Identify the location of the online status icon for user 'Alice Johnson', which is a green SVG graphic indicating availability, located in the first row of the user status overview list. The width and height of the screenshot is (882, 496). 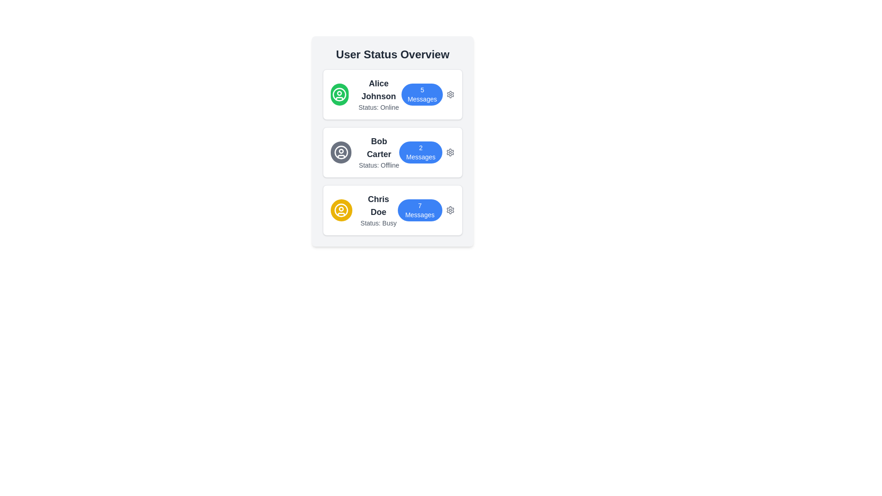
(339, 94).